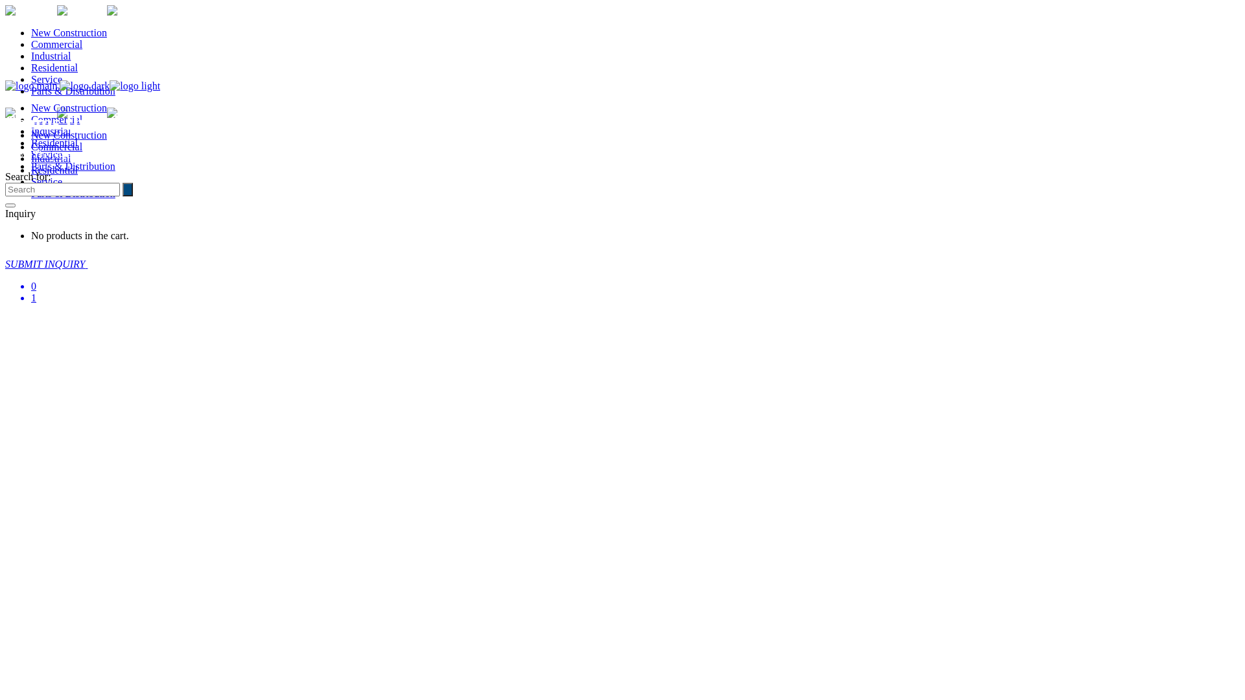  What do you see at coordinates (56, 43) in the screenshot?
I see `'Commercial'` at bounding box center [56, 43].